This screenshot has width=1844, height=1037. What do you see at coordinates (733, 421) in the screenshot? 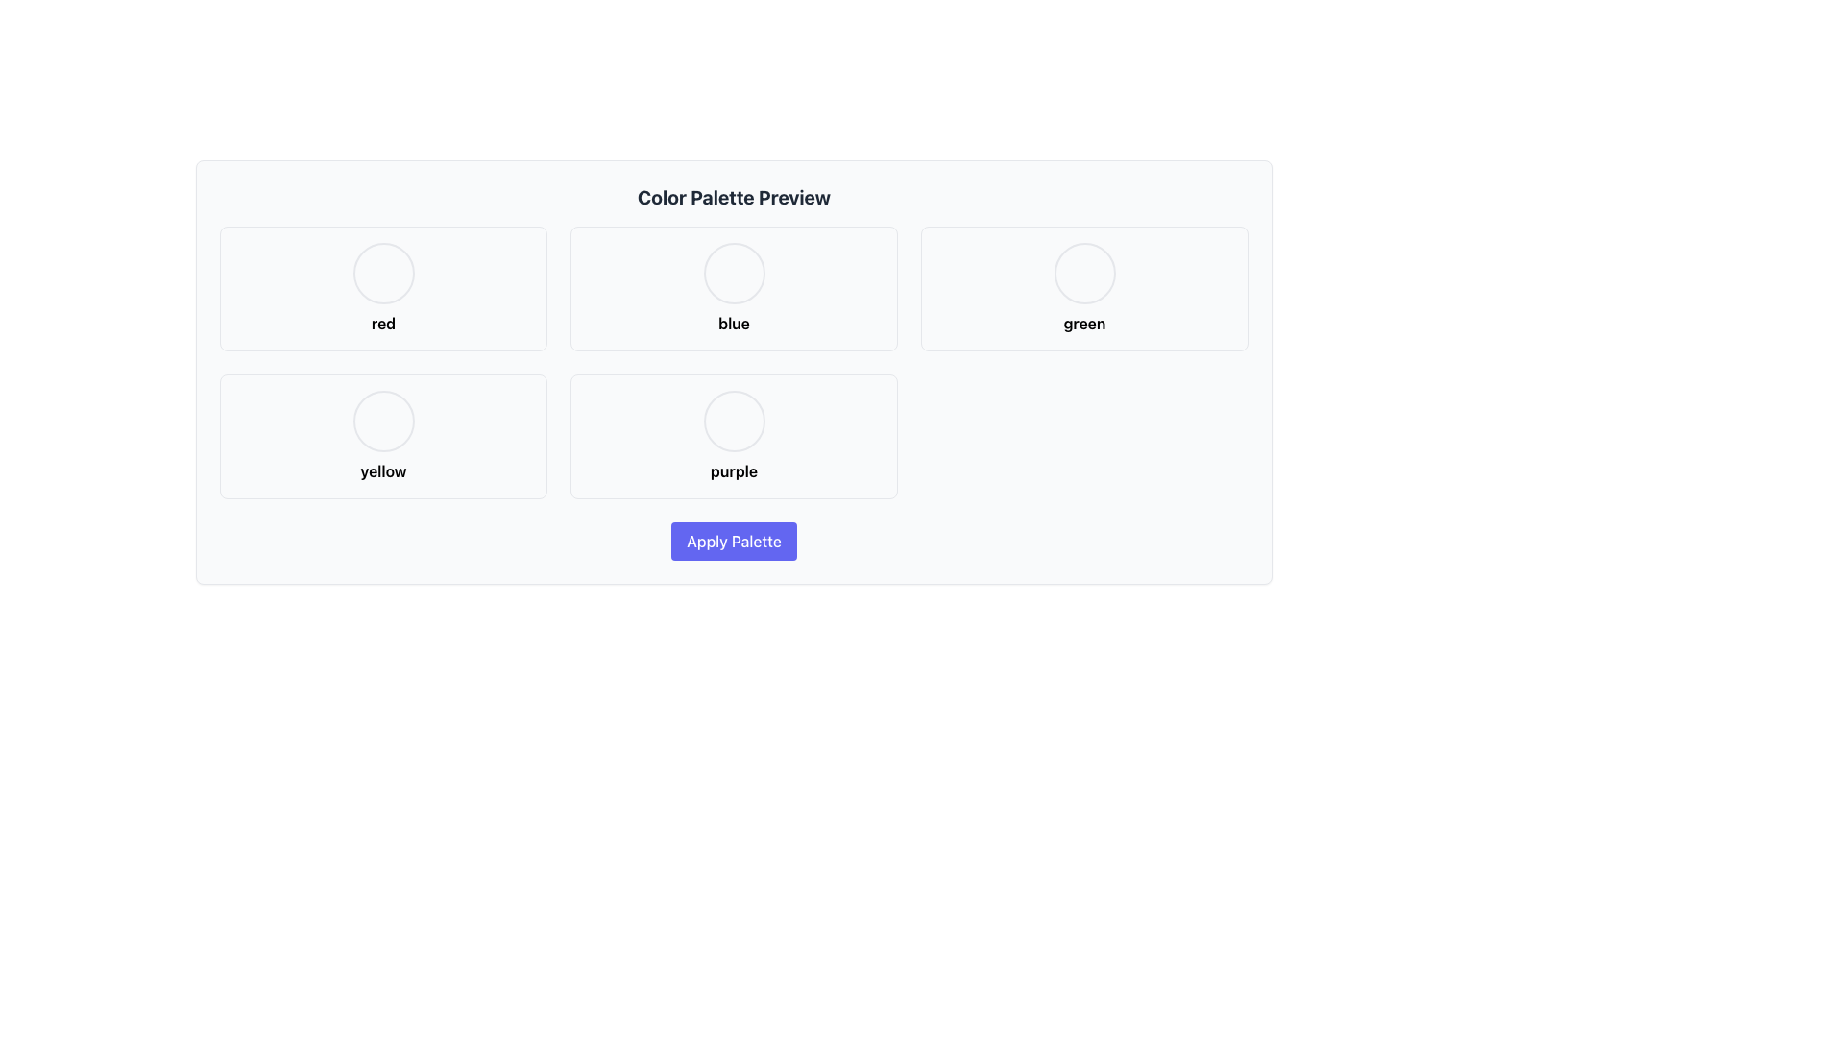
I see `the decorative purple element which is the top component within the card labeled 'purple' in the color selection interface` at bounding box center [733, 421].